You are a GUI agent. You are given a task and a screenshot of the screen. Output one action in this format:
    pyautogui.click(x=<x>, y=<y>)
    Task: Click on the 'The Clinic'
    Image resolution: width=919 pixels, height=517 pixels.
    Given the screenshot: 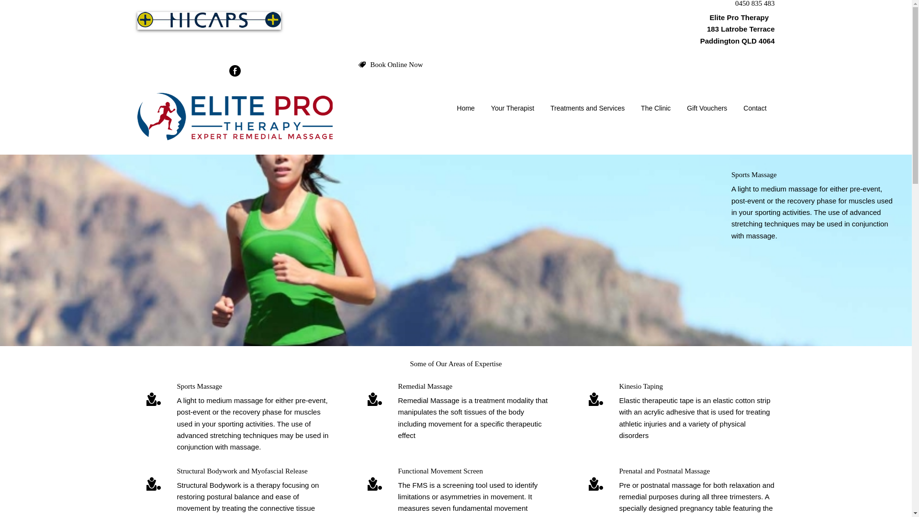 What is the action you would take?
    pyautogui.click(x=655, y=108)
    